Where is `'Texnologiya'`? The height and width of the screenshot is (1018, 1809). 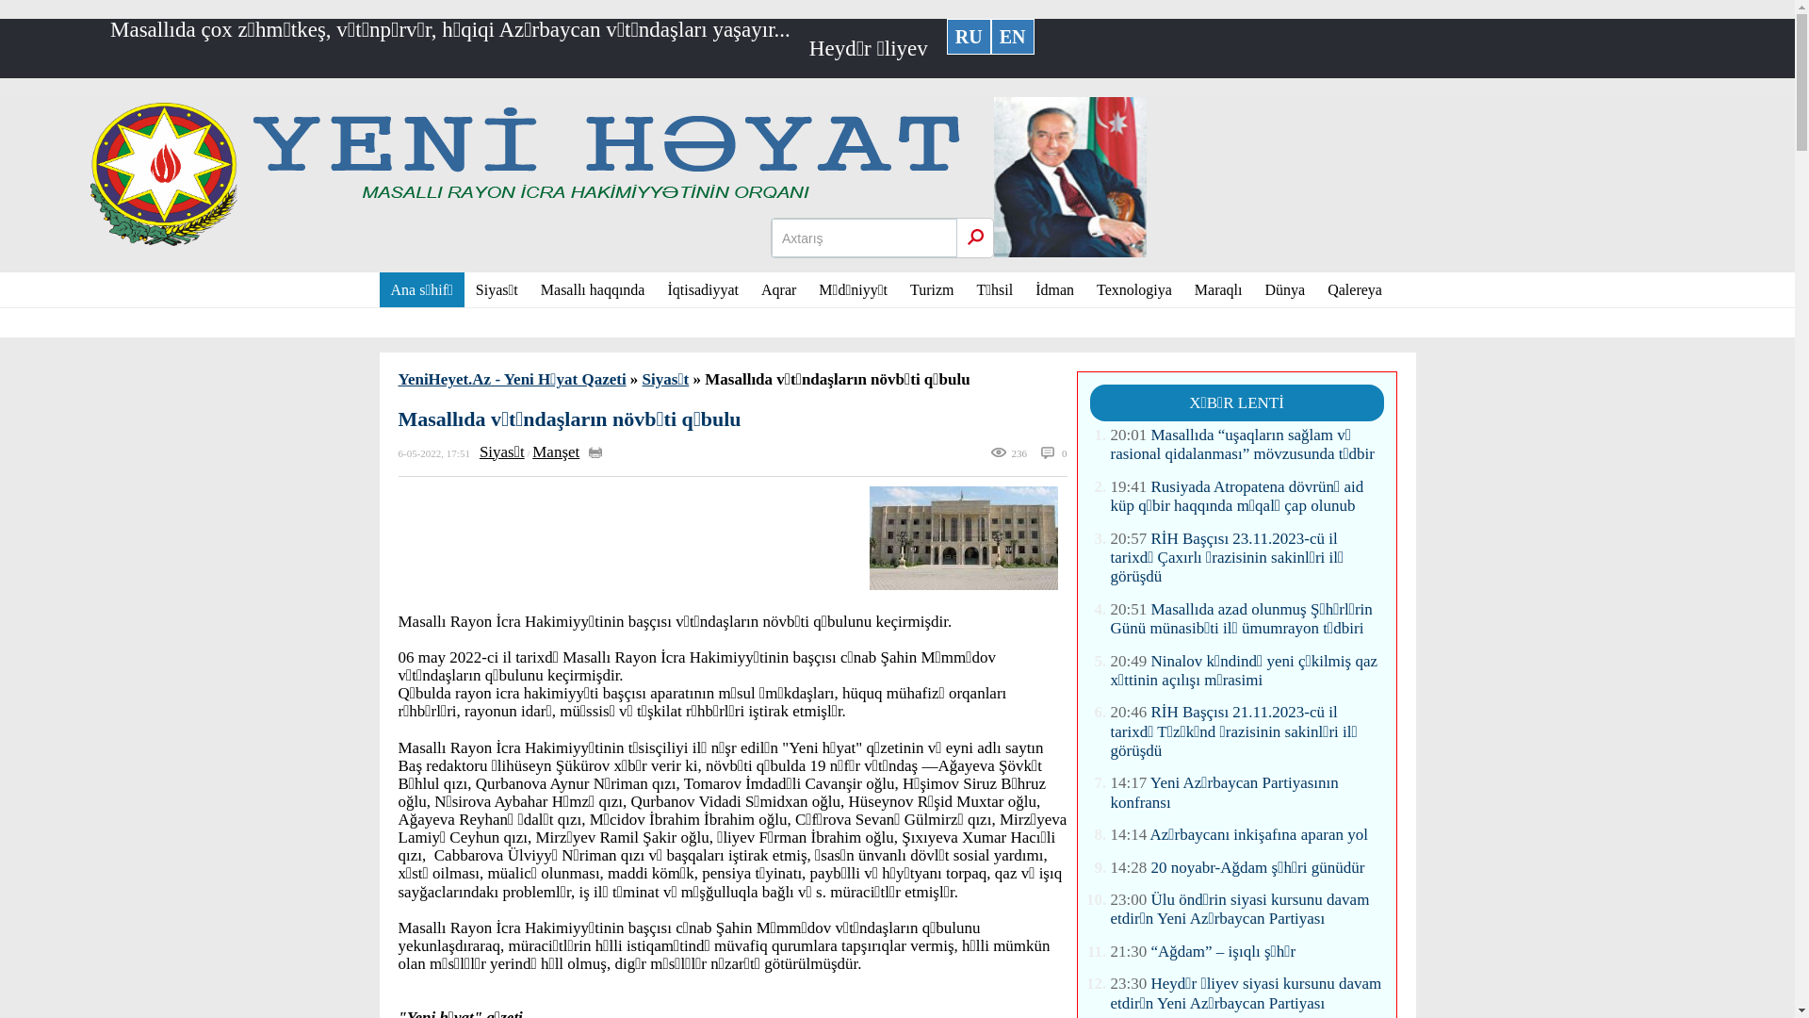 'Texnologiya' is located at coordinates (1133, 289).